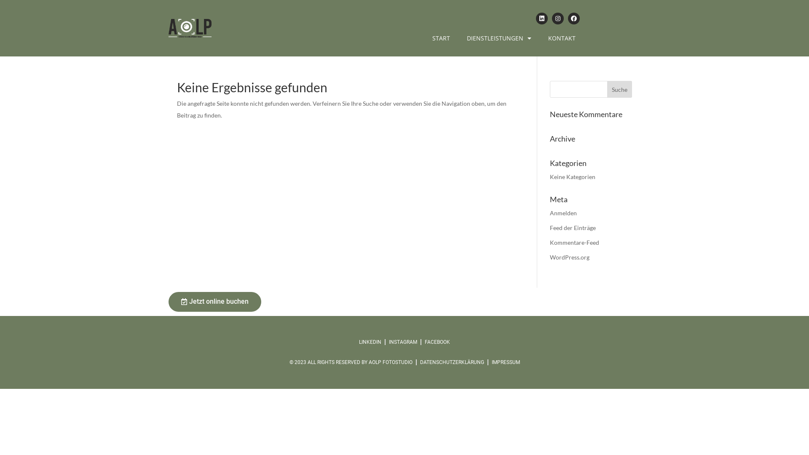 This screenshot has height=455, width=809. What do you see at coordinates (563, 212) in the screenshot?
I see `'Anmelden'` at bounding box center [563, 212].